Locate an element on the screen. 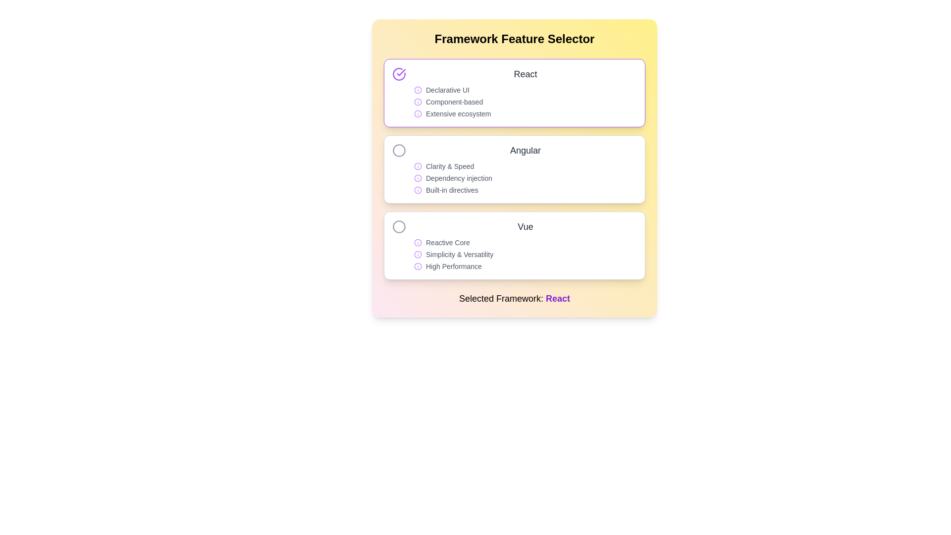 This screenshot has height=535, width=951. the Informational Card displaying information about the 'React' framework is located at coordinates (514, 93).